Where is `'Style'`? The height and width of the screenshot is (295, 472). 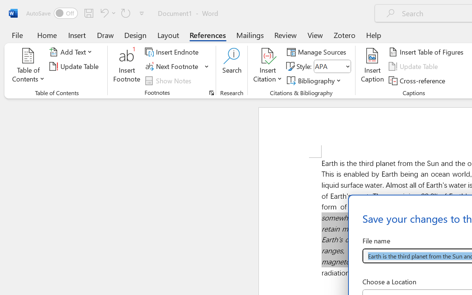 'Style' is located at coordinates (329, 66).